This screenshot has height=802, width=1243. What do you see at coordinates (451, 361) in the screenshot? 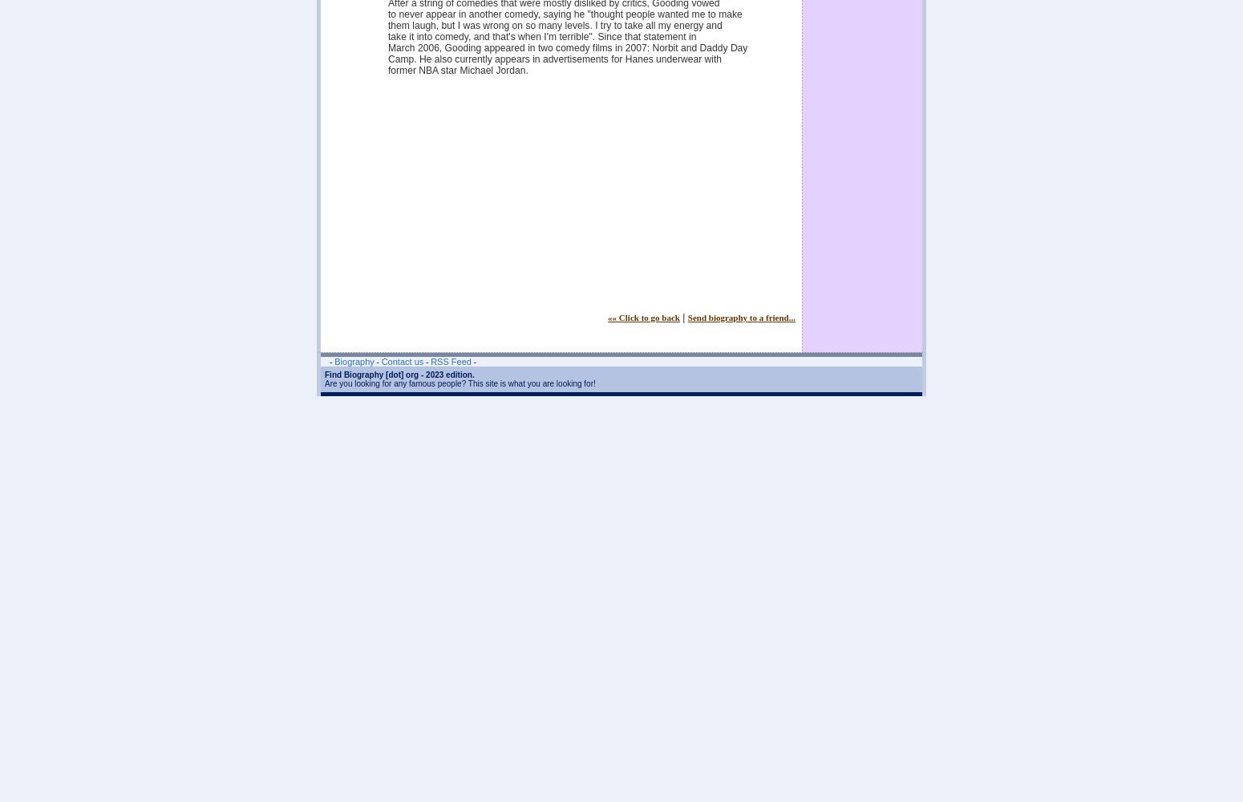
I see `'RSS Feed'` at bounding box center [451, 361].